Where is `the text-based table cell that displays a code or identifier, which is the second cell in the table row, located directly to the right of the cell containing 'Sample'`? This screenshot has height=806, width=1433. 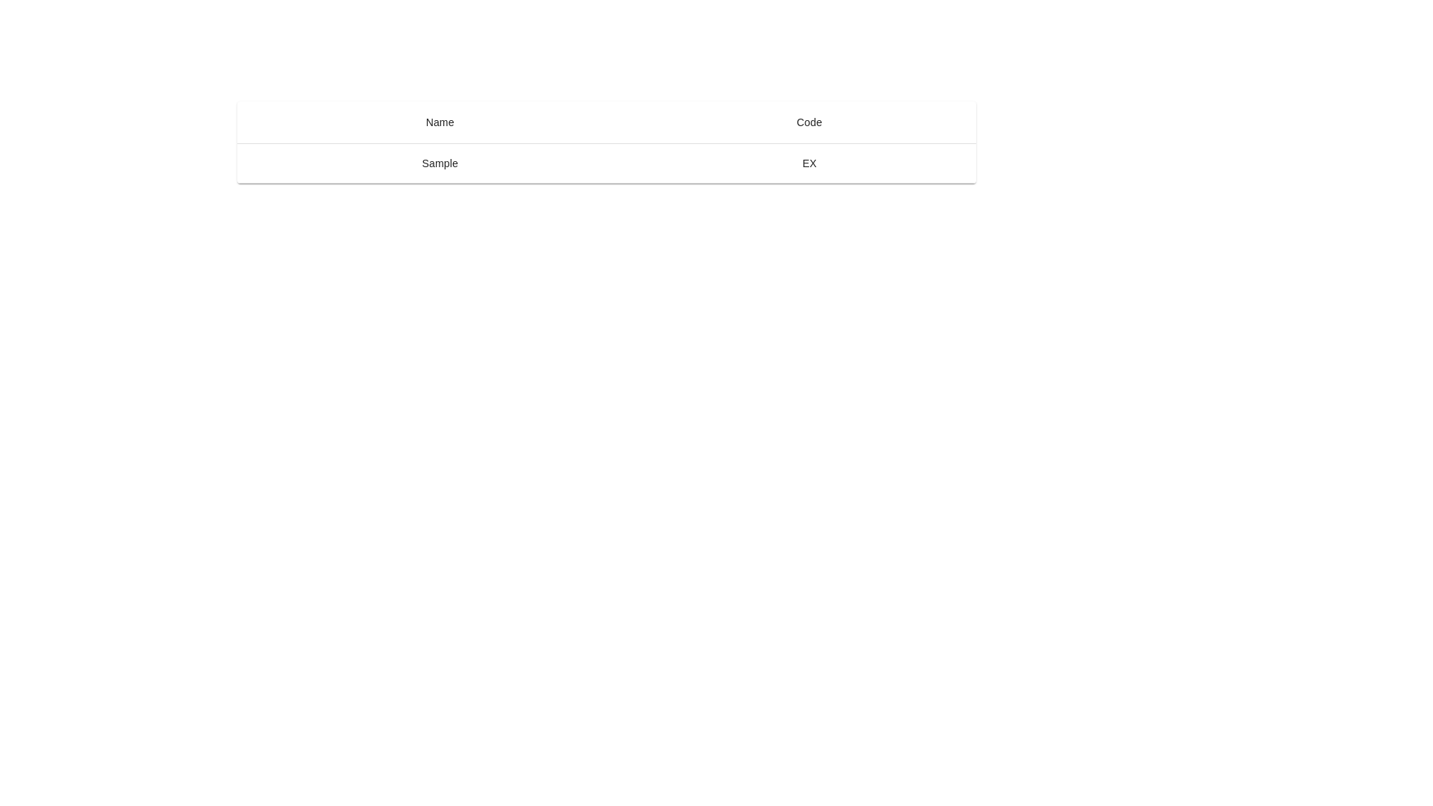
the text-based table cell that displays a code or identifier, which is the second cell in the table row, located directly to the right of the cell containing 'Sample' is located at coordinates (808, 163).